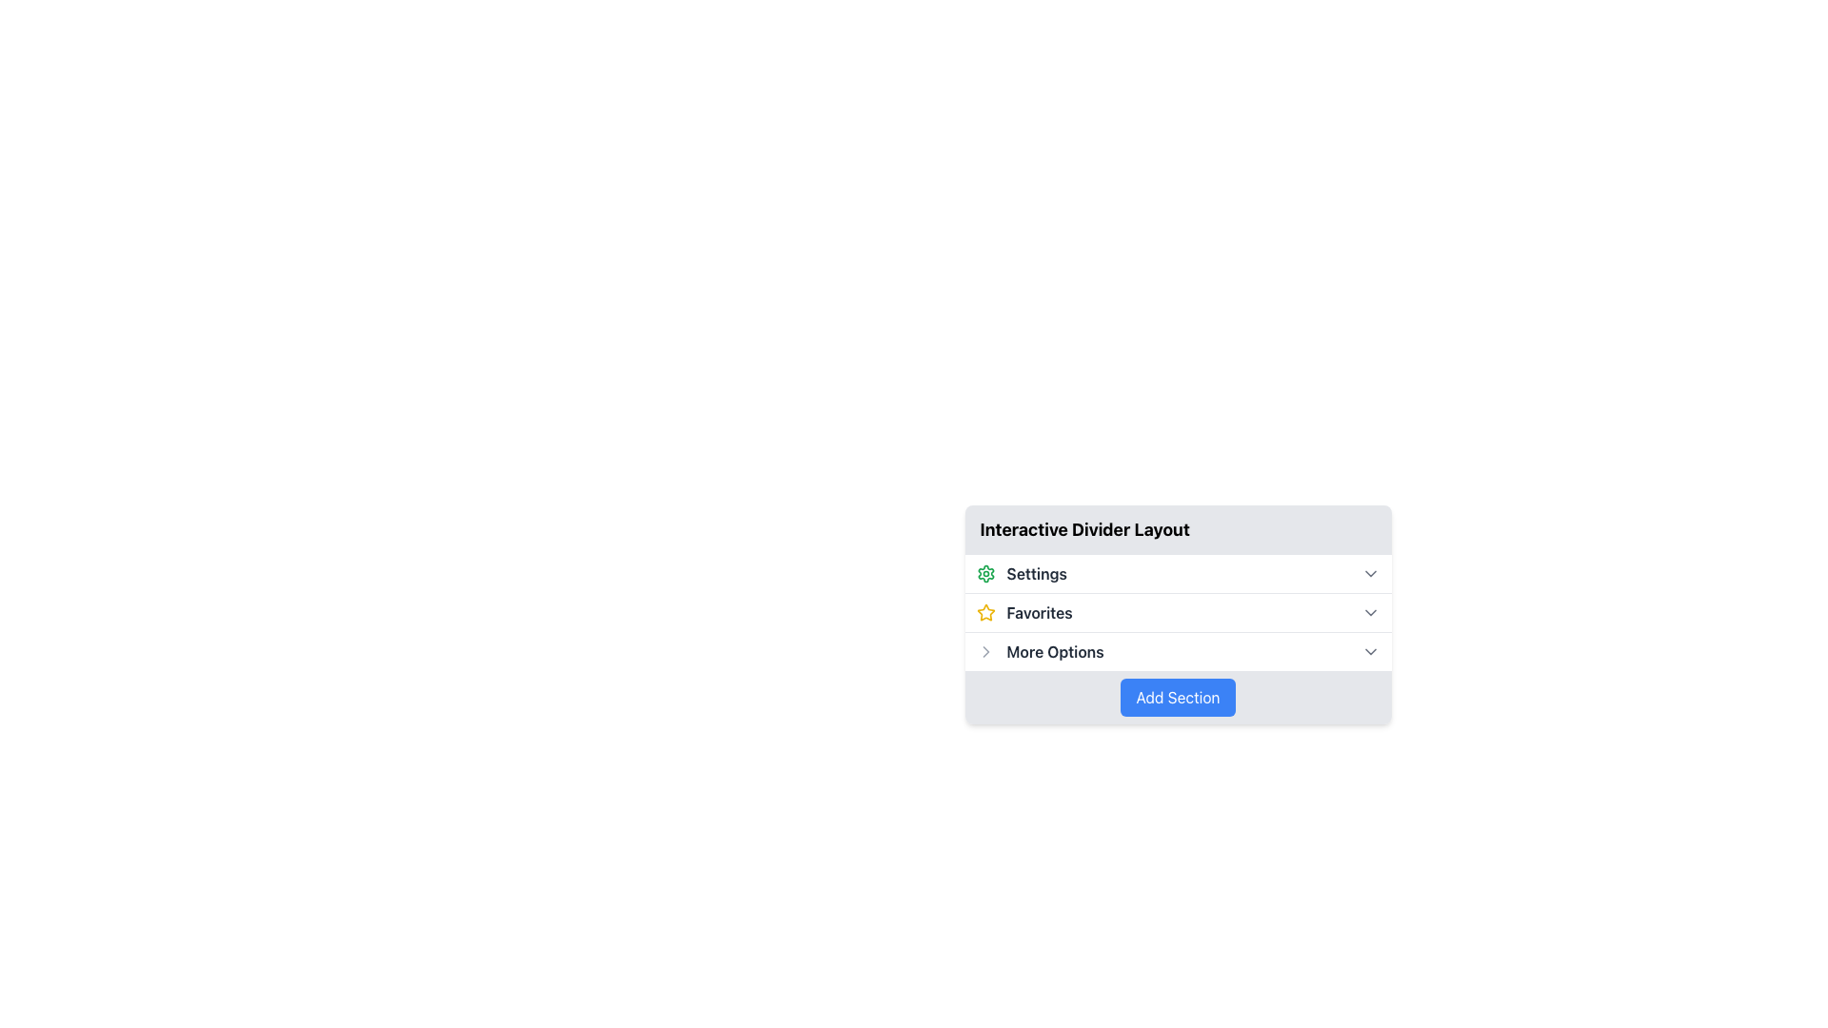  Describe the element at coordinates (1039, 651) in the screenshot. I see `the 'More Options' Text Label with Icon Indicator, which is the third item in the 'Interactive Divider Layout' panel, following 'Settings' and 'Favorites'` at that location.